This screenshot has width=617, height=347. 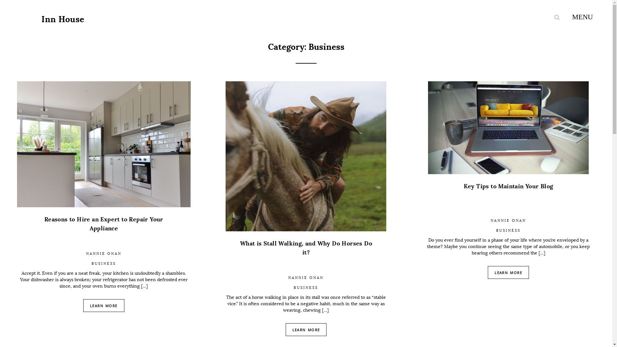 What do you see at coordinates (103, 305) in the screenshot?
I see `'LEARN MORE'` at bounding box center [103, 305].